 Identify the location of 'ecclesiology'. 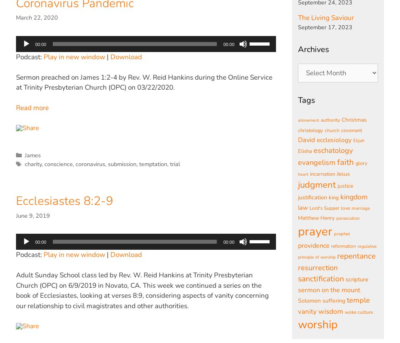
(334, 140).